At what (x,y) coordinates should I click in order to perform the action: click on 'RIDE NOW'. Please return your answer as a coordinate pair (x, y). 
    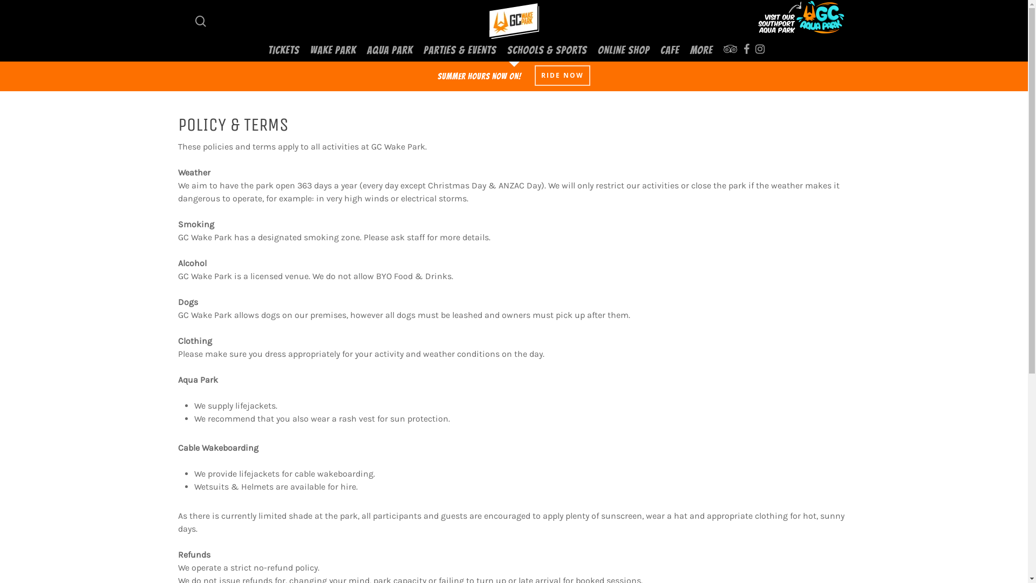
    Looking at the image, I should click on (534, 74).